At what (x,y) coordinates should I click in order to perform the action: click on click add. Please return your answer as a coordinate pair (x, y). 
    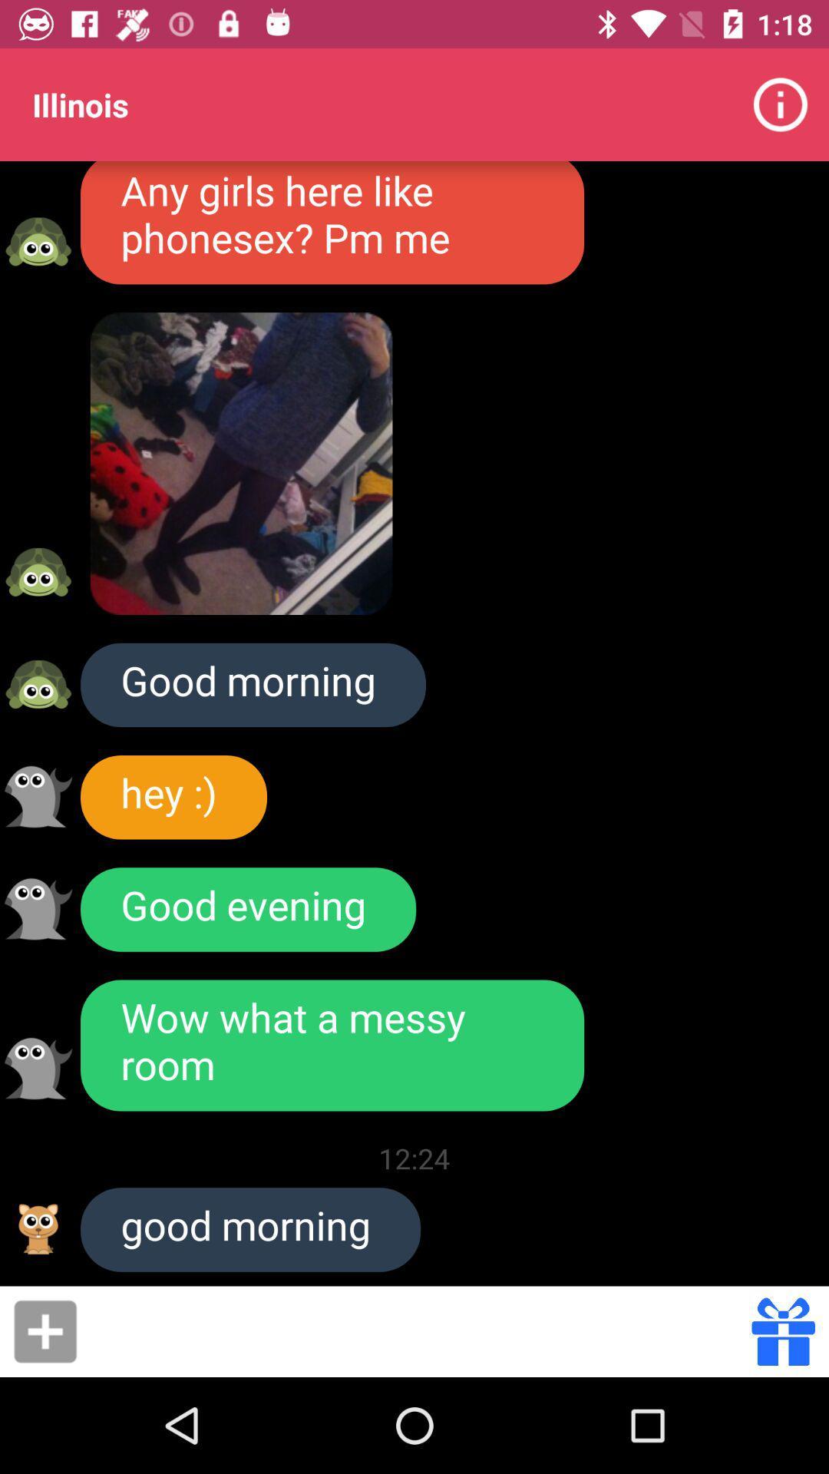
    Looking at the image, I should click on (45, 1330).